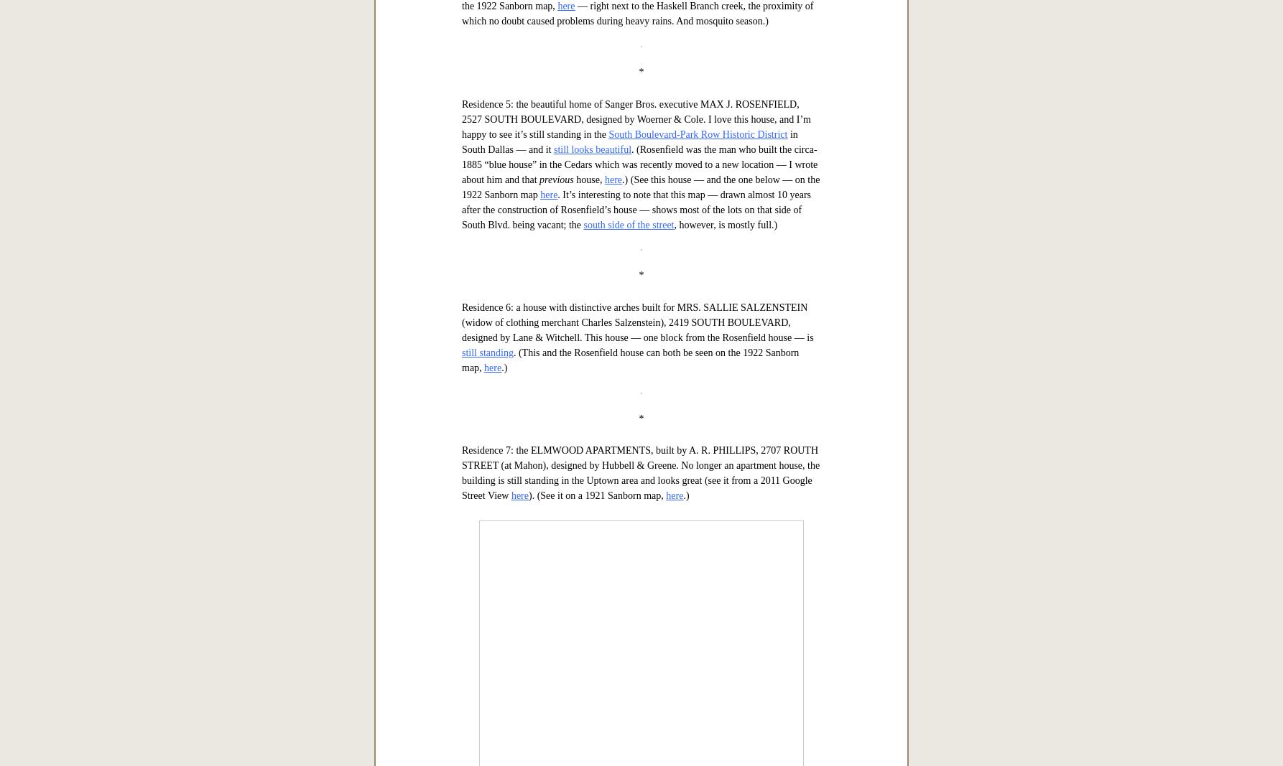 Image resolution: width=1283 pixels, height=766 pixels. Describe the element at coordinates (636, 464) in the screenshot. I see `'— right next to the Haskell Branch creek, the proximity of which no doubt caused problems during heavy rains. And mosquito season.)'` at that location.